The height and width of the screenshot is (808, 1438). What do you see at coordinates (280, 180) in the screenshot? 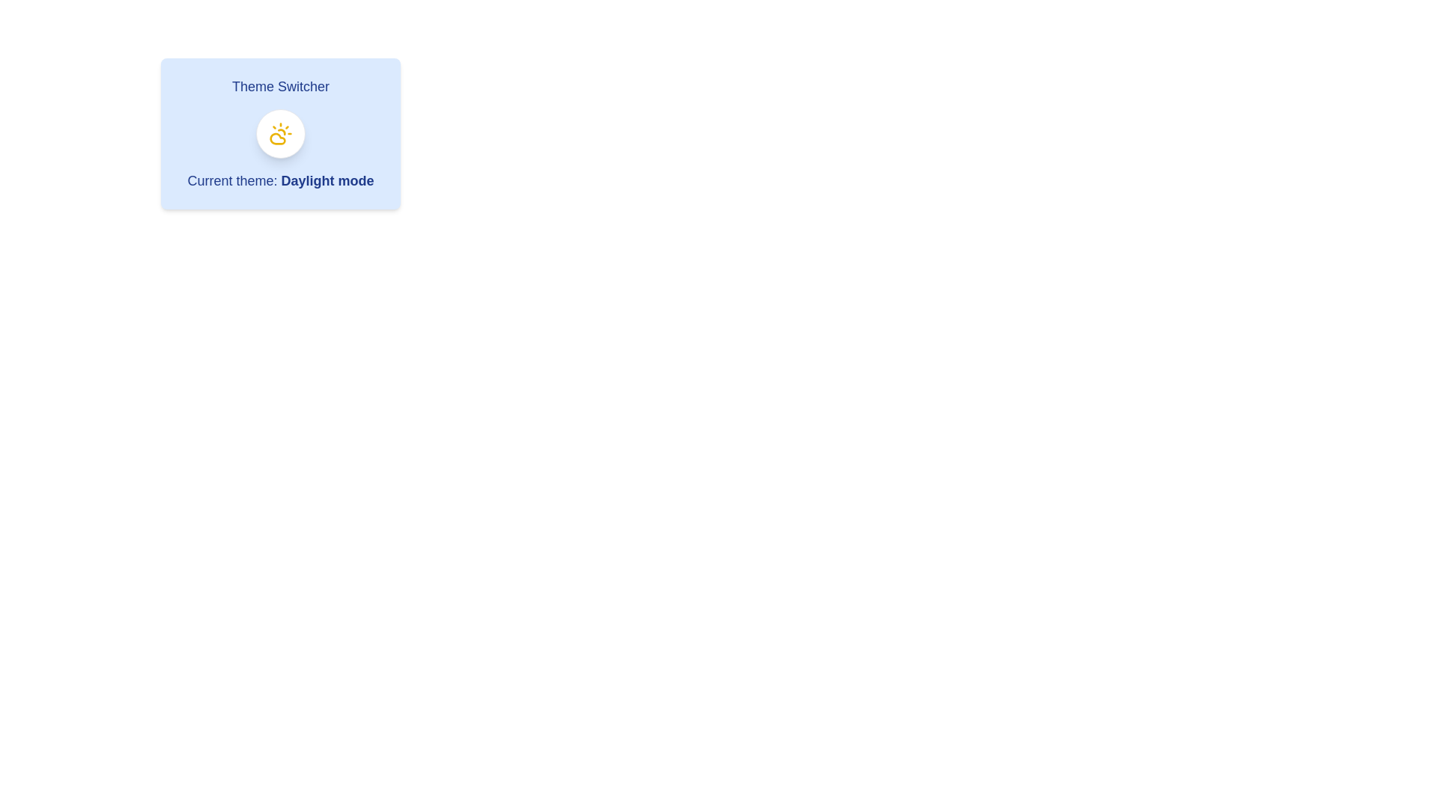
I see `the text 'Current theme: Daylight mode' to select it` at bounding box center [280, 180].